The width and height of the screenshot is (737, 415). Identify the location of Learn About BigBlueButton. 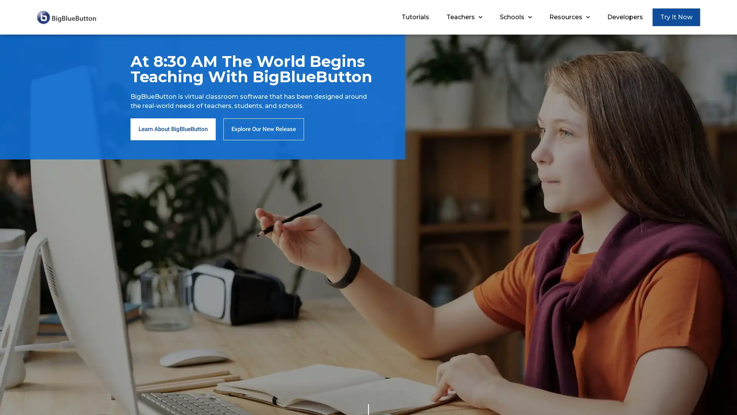
(173, 129).